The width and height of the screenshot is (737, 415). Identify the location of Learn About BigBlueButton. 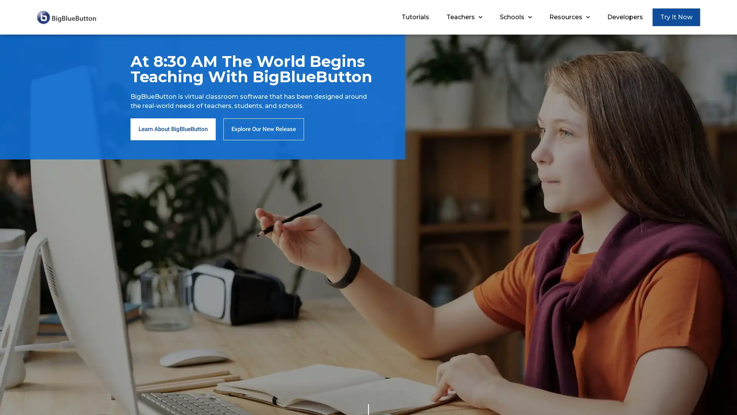
(173, 129).